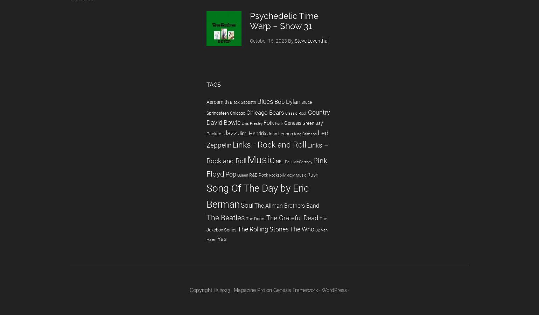 The width and height of the screenshot is (539, 315). I want to click on 'The Grateful Dead', so click(292, 217).